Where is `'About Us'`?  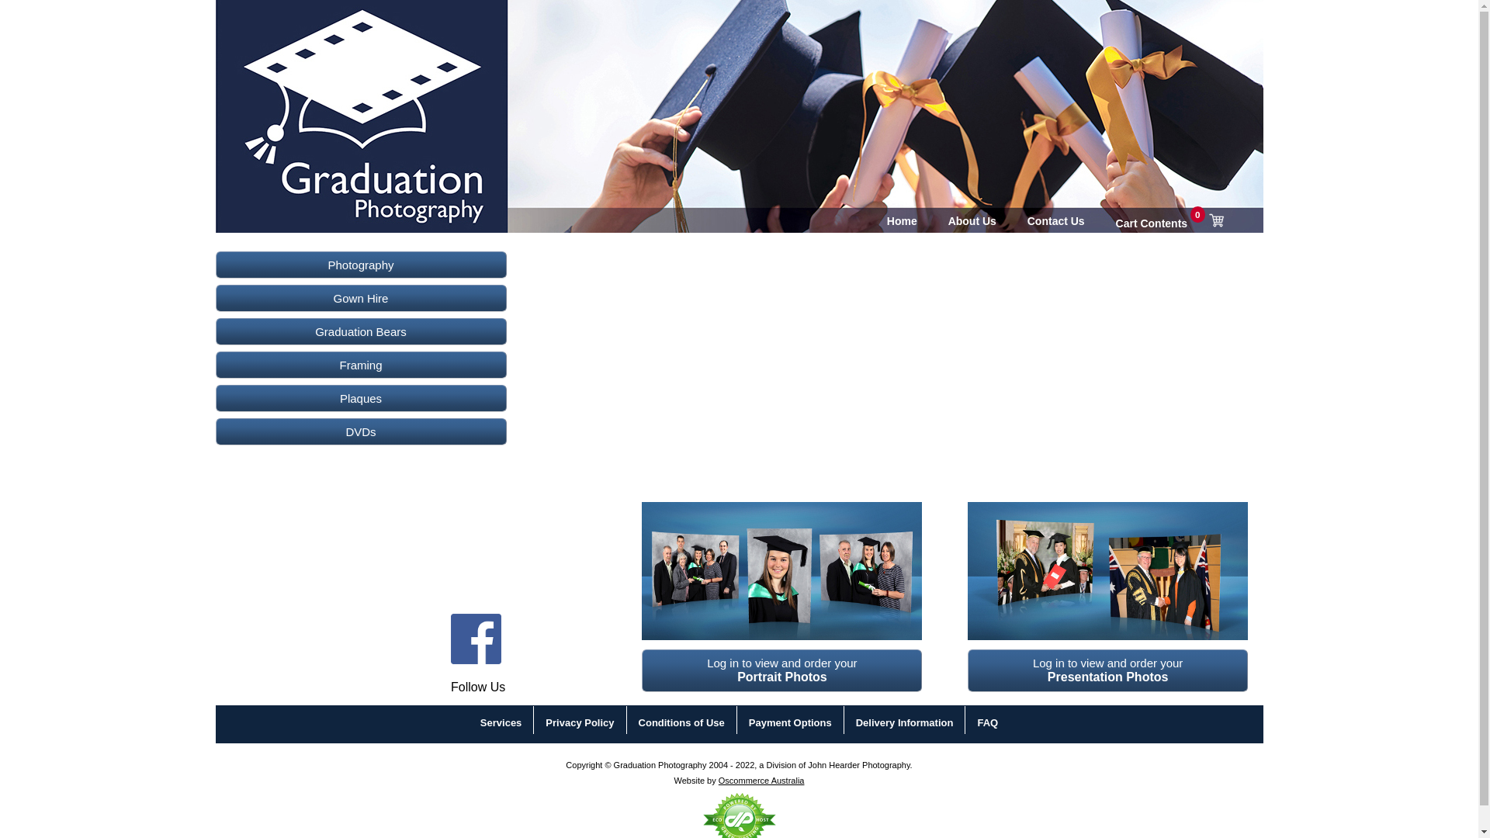 'About Us' is located at coordinates (971, 221).